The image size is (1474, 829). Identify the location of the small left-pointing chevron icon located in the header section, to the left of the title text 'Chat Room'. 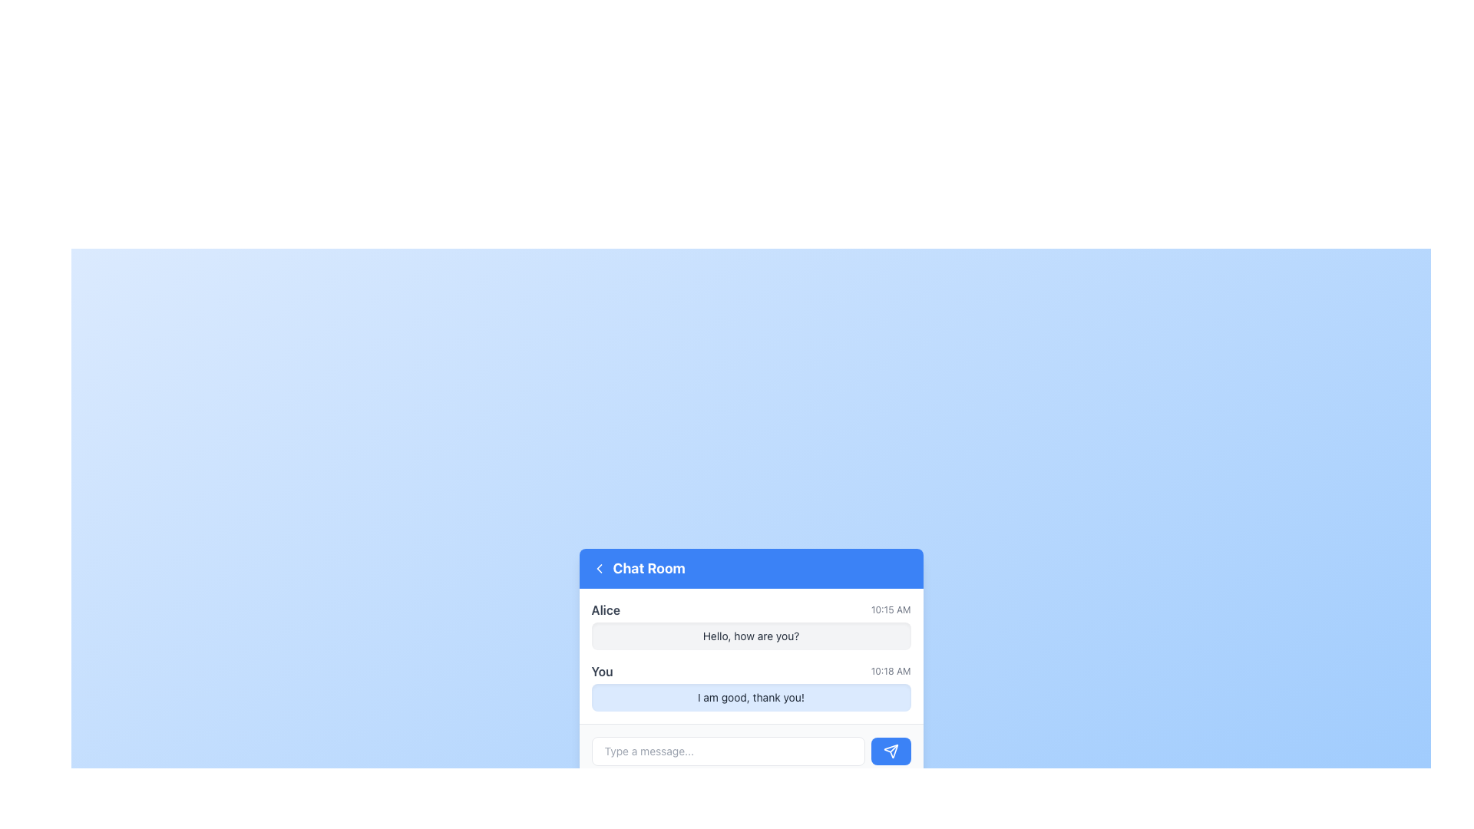
(598, 568).